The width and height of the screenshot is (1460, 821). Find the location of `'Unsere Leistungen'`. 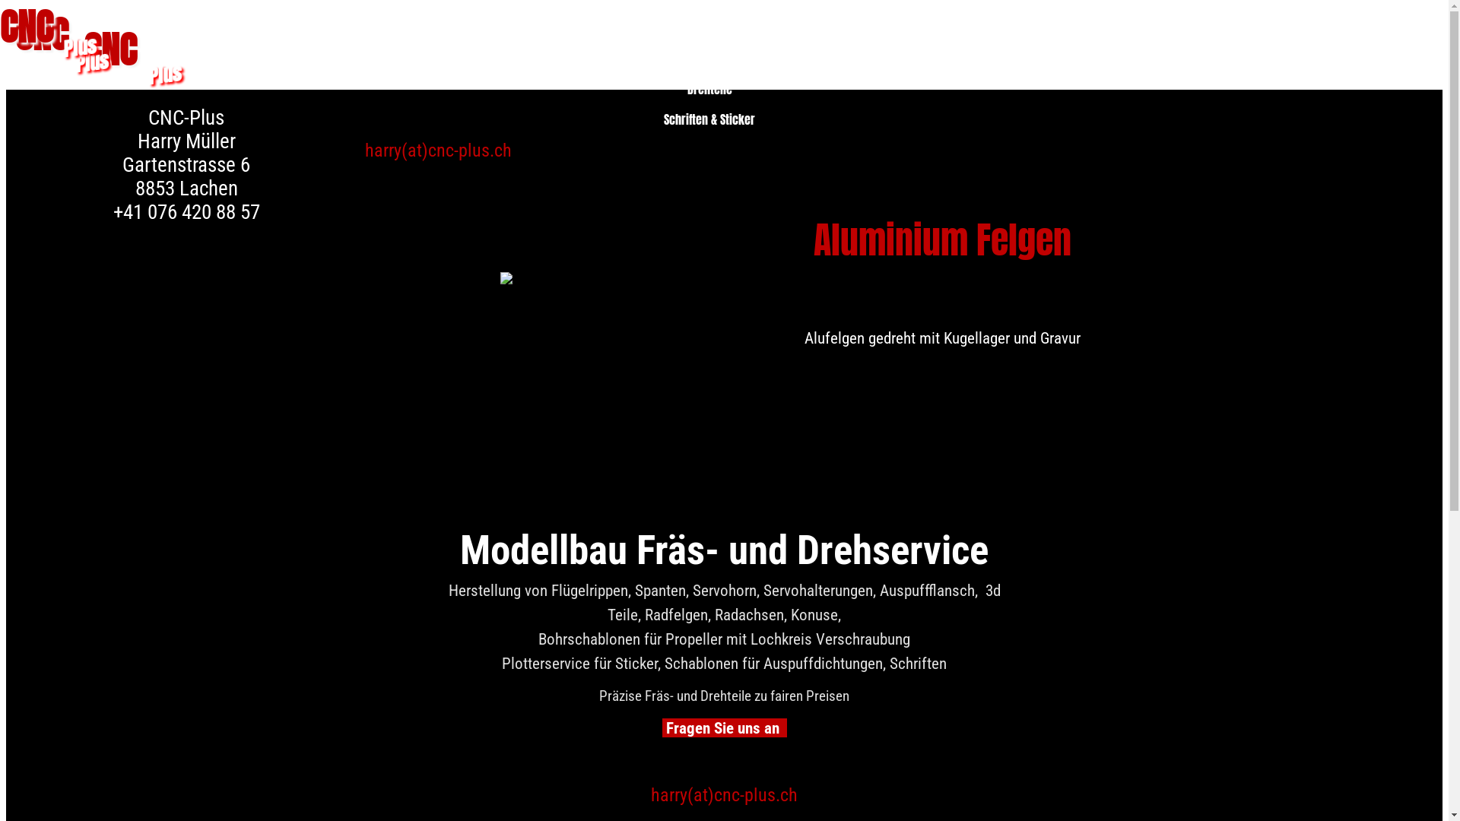

'Unsere Leistungen' is located at coordinates (703, 51).